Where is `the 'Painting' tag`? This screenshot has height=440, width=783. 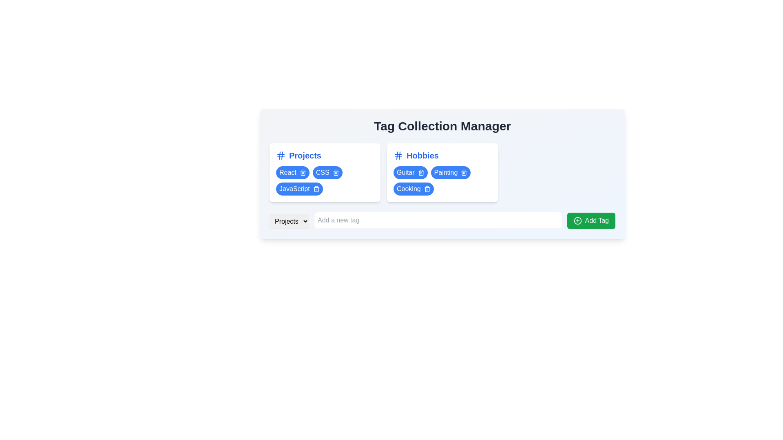
the 'Painting' tag is located at coordinates (450, 172).